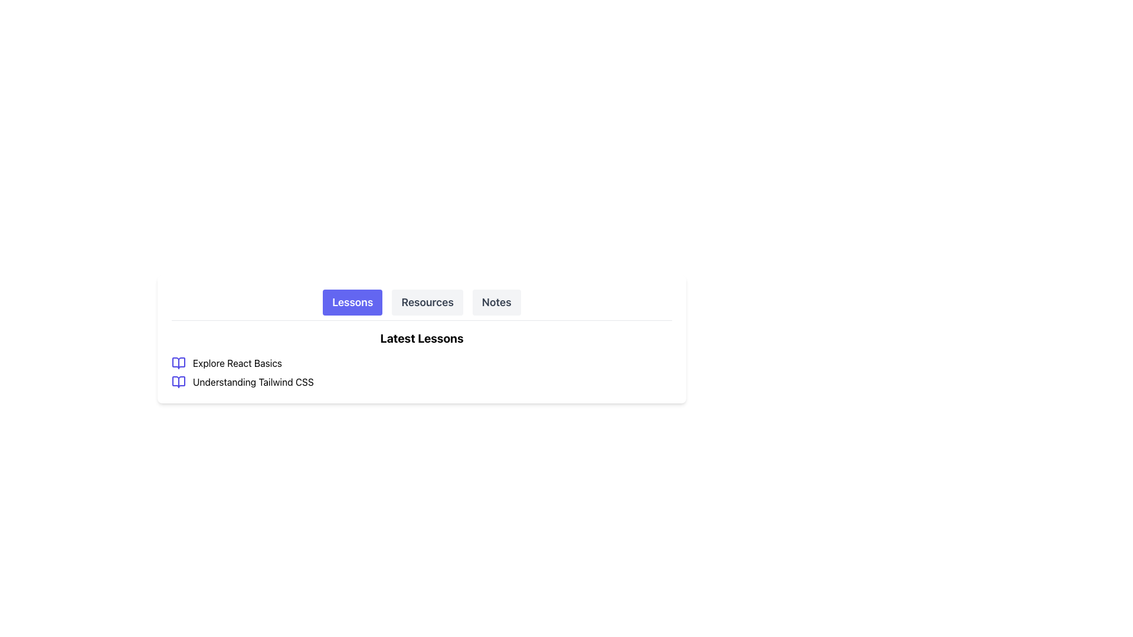  Describe the element at coordinates (237, 363) in the screenshot. I see `the text label reading 'Explore React Basics' in the 'Latest Lessons' section` at that location.